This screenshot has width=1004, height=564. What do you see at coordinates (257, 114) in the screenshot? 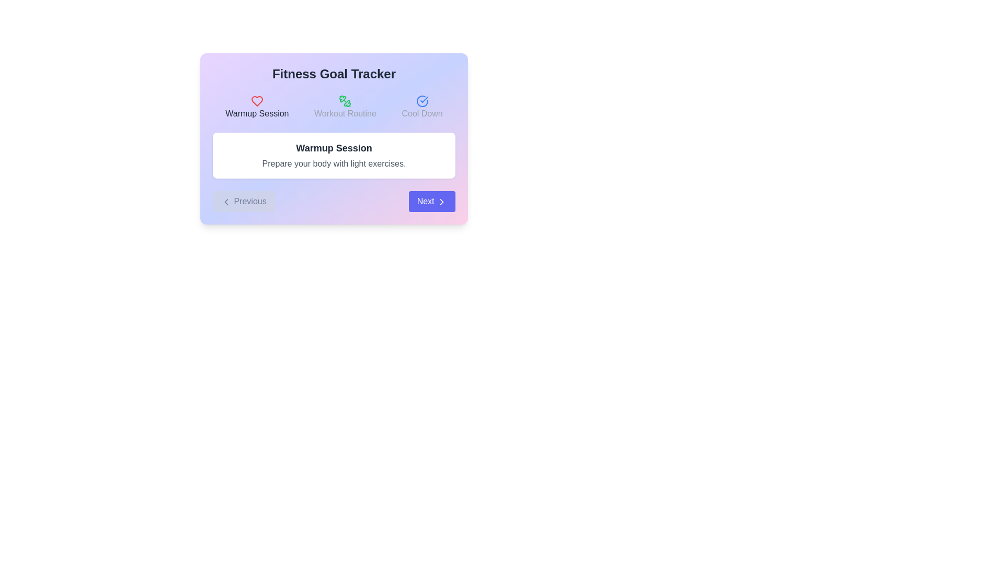
I see `the 'Warmup Session' text label that indicates the stage of focus in the application, positioned below a heart icon and is the left-most among similar text labels` at bounding box center [257, 114].